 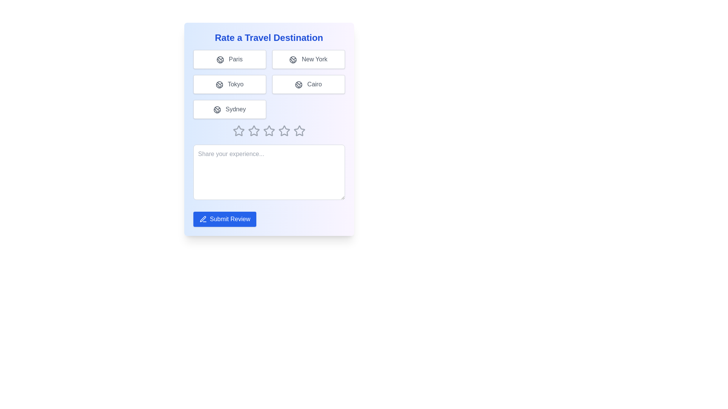 What do you see at coordinates (293, 59) in the screenshot?
I see `the circular component within the 'New York' option button in the 'Rate a Travel Destination' section` at bounding box center [293, 59].